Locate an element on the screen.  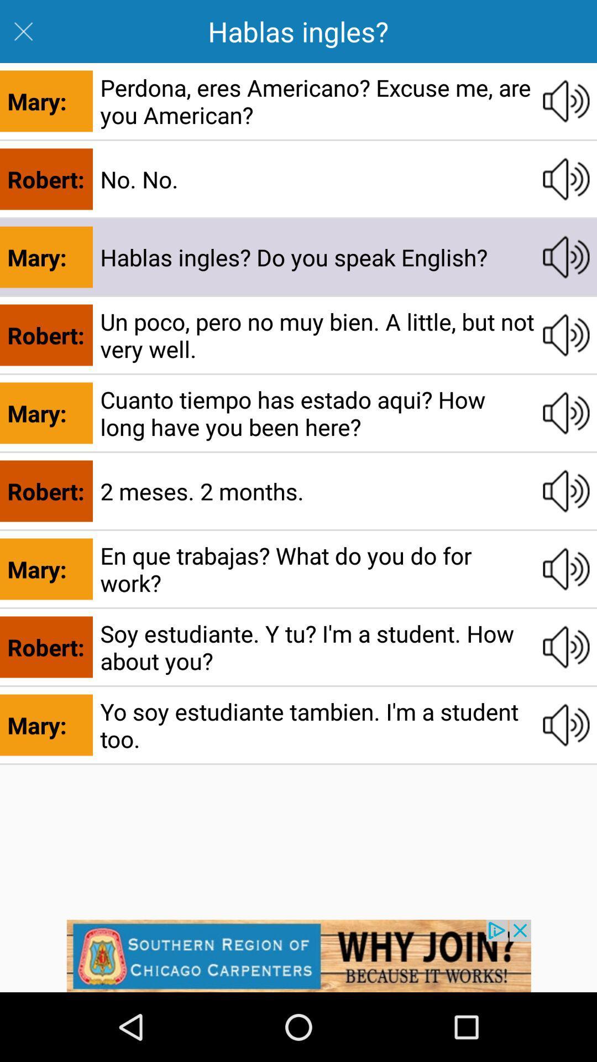
it is a notification key is located at coordinates (298, 955).